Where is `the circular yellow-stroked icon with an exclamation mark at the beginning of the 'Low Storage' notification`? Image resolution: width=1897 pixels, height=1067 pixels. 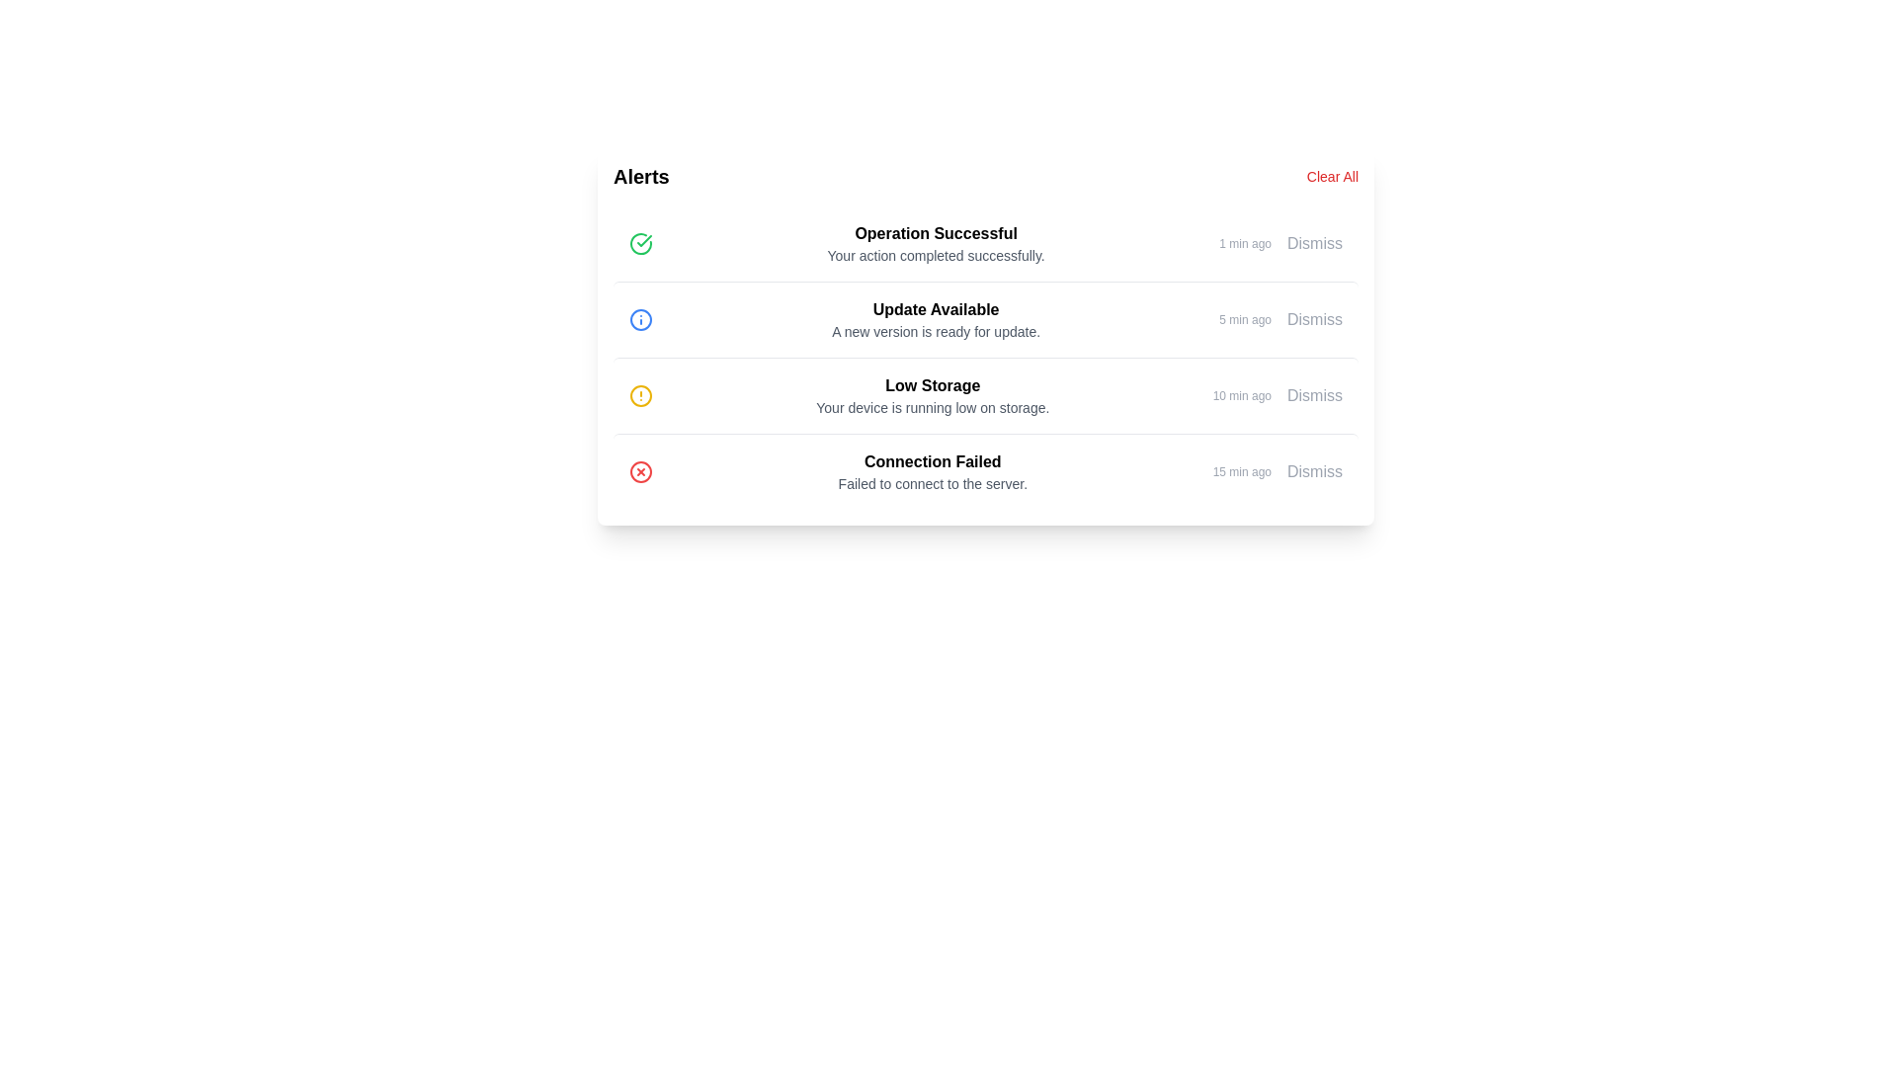
the circular yellow-stroked icon with an exclamation mark at the beginning of the 'Low Storage' notification is located at coordinates (640, 396).